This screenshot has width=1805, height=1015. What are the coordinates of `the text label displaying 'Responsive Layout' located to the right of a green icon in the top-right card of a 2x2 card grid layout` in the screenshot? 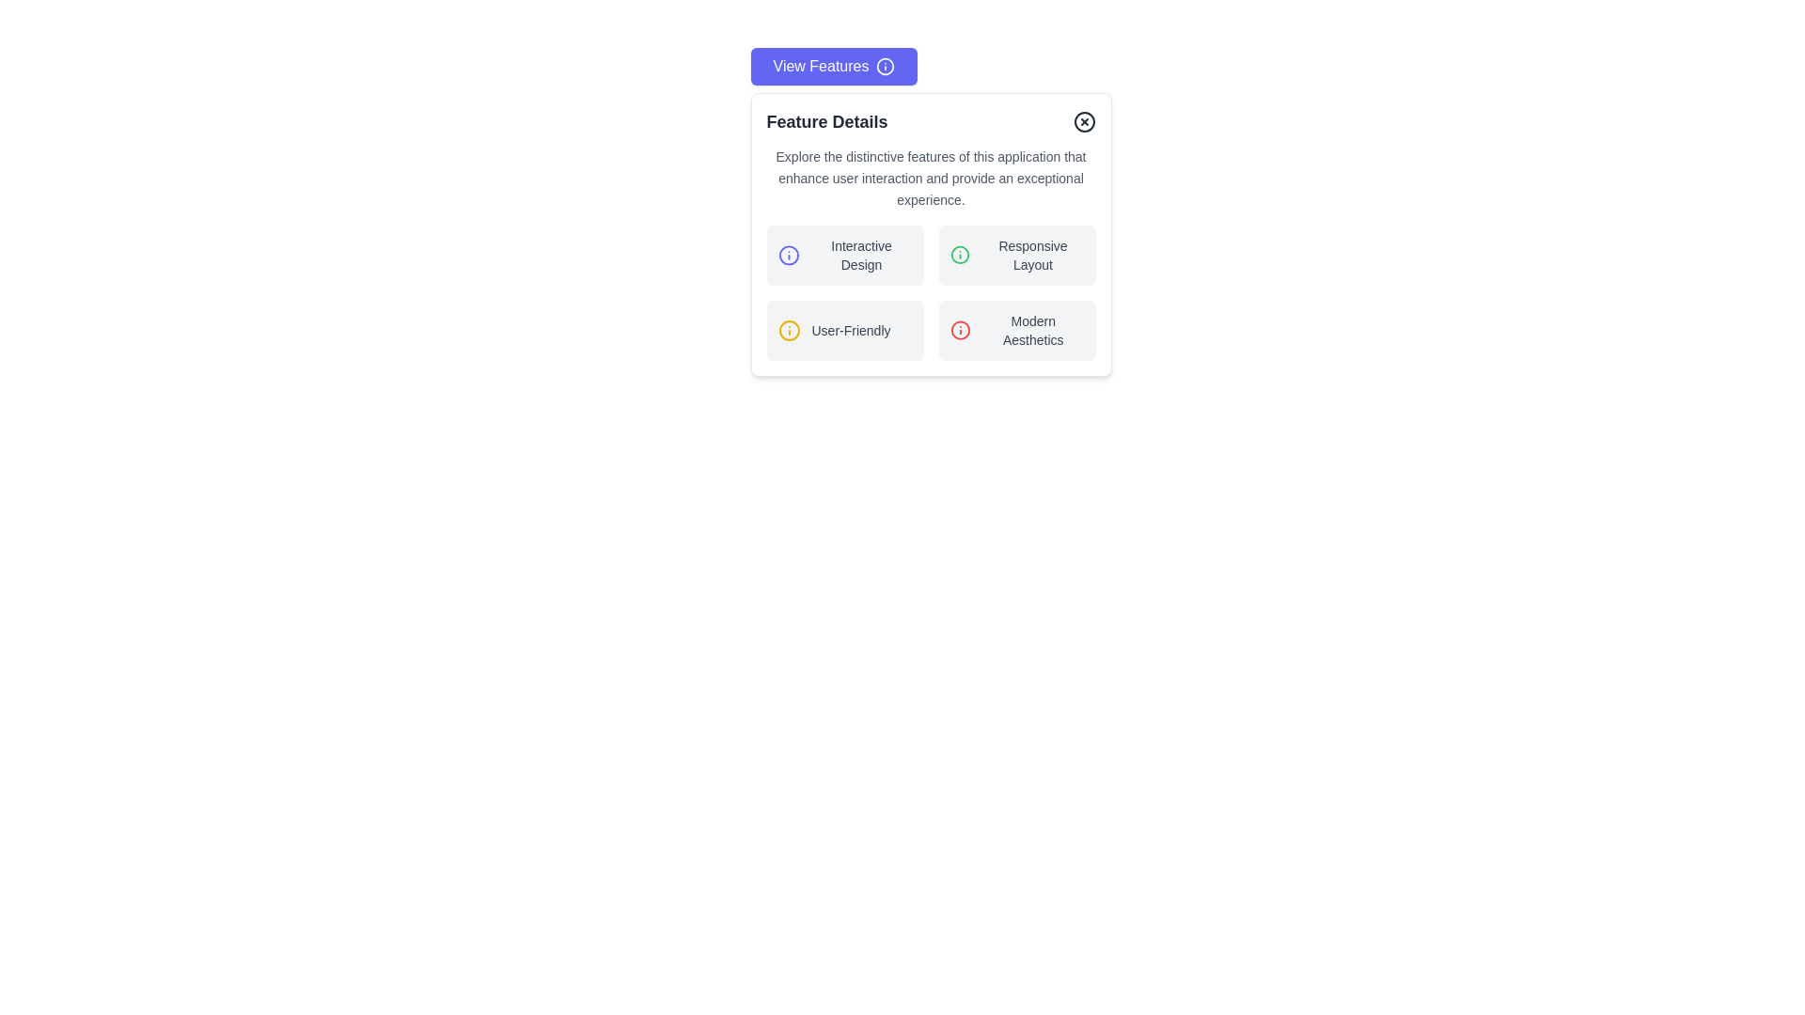 It's located at (1032, 256).